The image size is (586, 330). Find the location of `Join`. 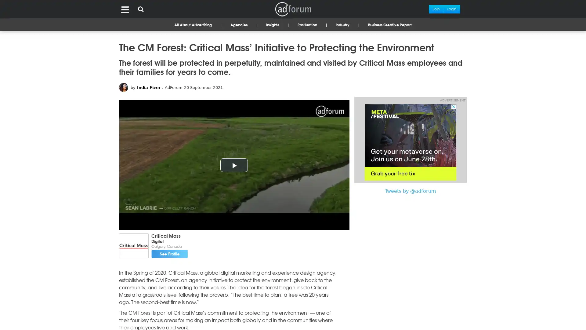

Join is located at coordinates (435, 9).